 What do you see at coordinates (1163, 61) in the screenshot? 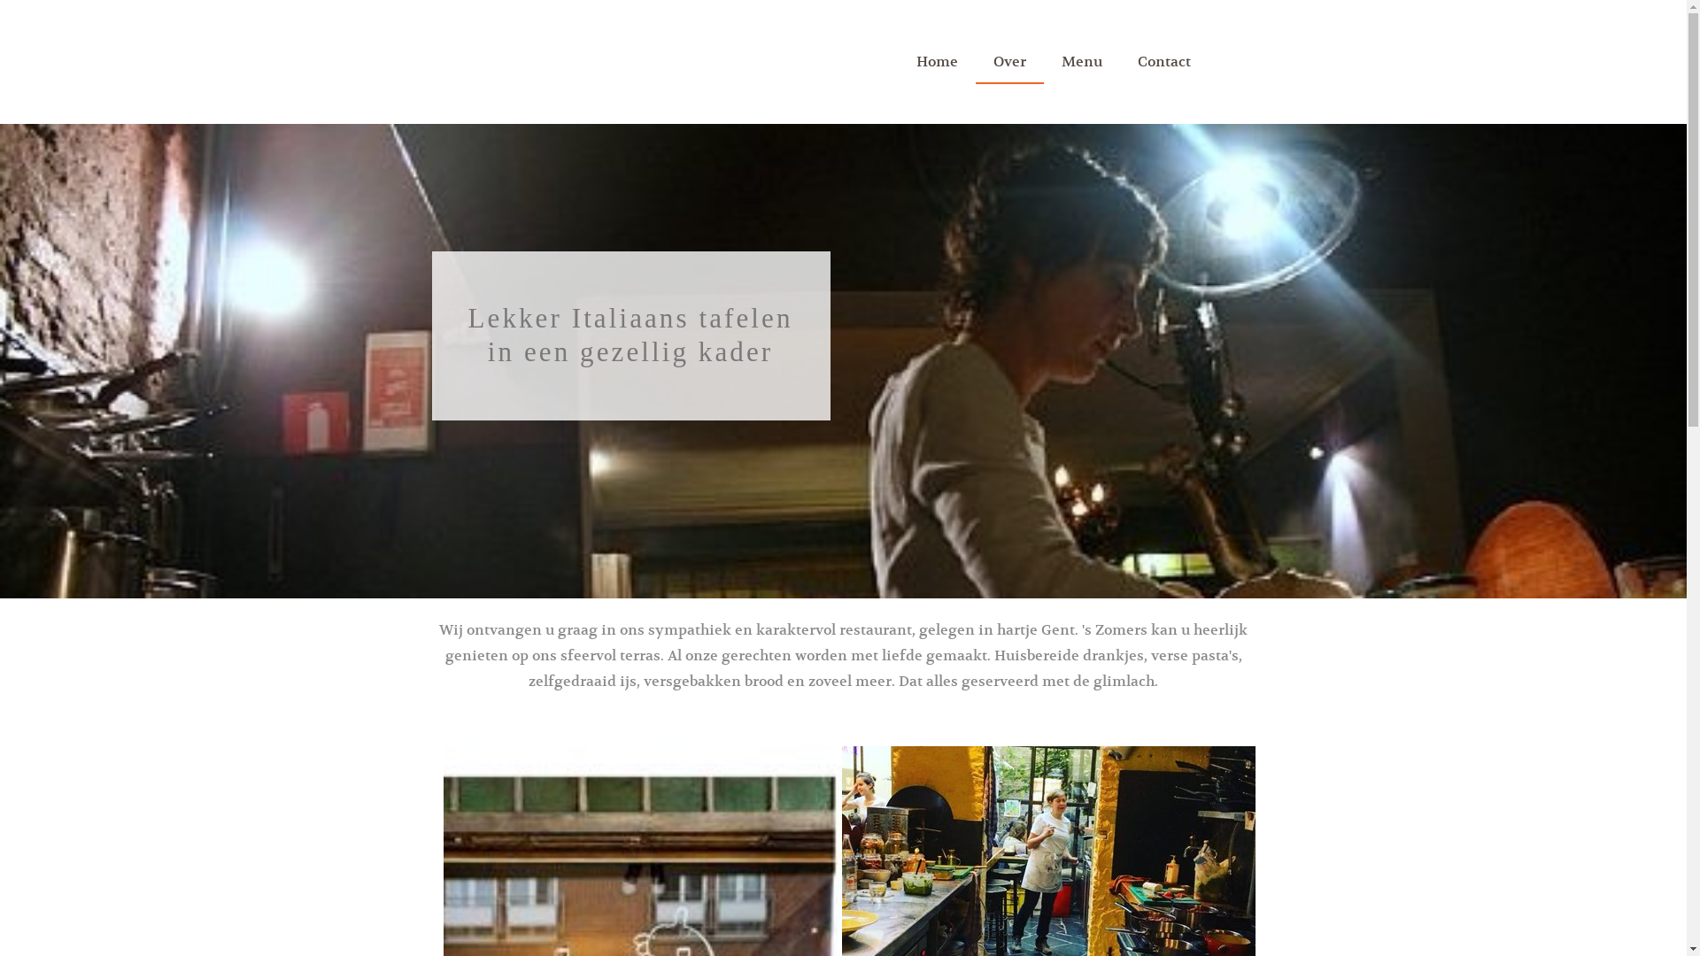
I see `'Contact'` at bounding box center [1163, 61].